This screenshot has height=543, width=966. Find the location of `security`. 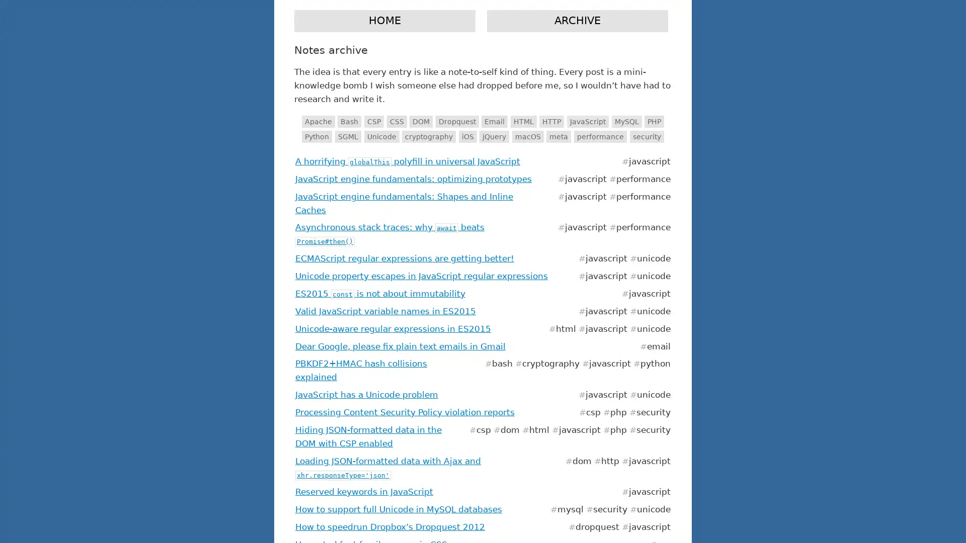

security is located at coordinates (647, 136).